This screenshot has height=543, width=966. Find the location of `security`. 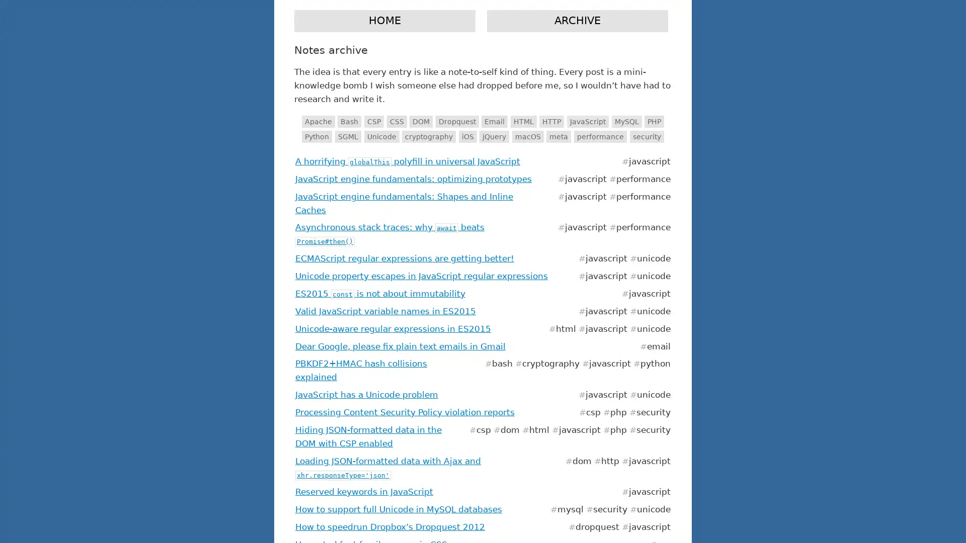

security is located at coordinates (647, 136).